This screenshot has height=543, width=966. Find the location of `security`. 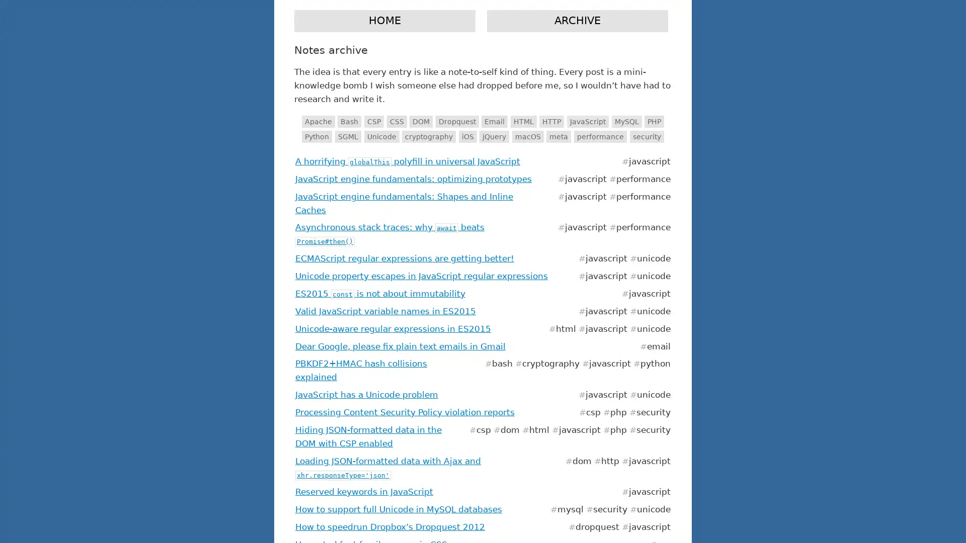

security is located at coordinates (647, 136).